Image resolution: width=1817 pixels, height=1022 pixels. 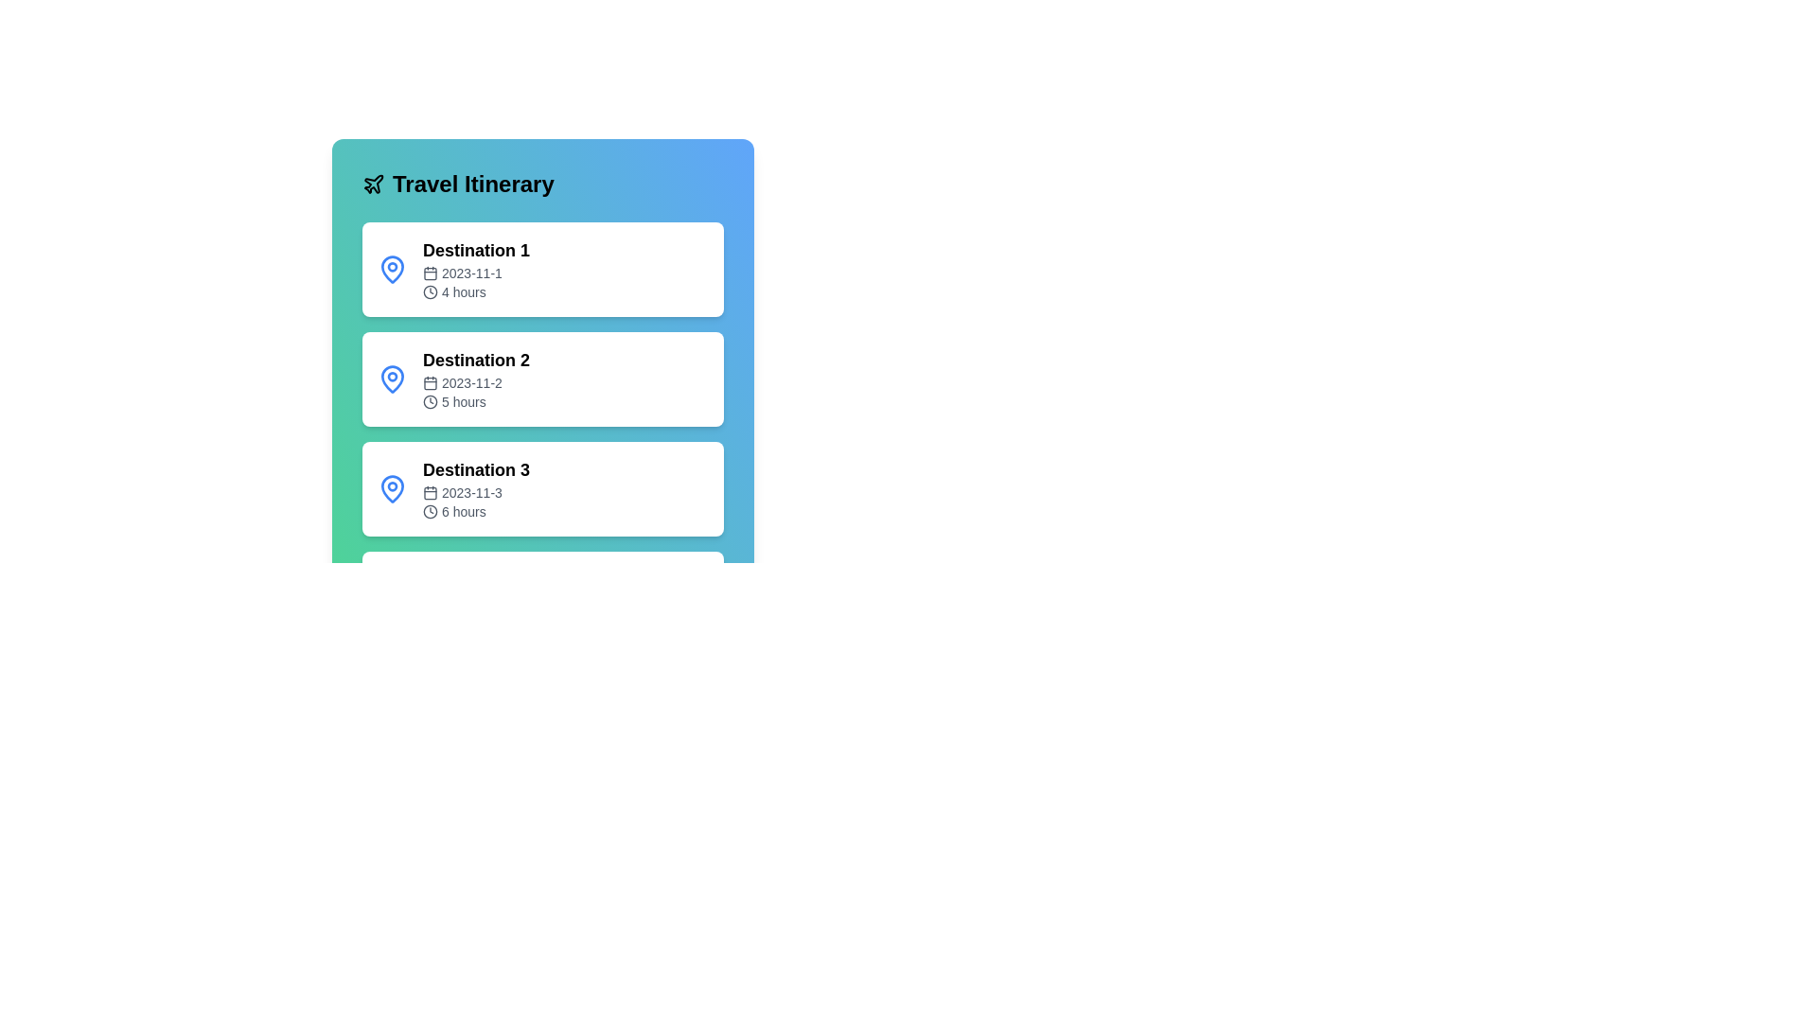 What do you see at coordinates (430, 383) in the screenshot?
I see `the minimalistic calendar icon located to the left of the text '2023-11-2' in the 'Destination 2' row` at bounding box center [430, 383].